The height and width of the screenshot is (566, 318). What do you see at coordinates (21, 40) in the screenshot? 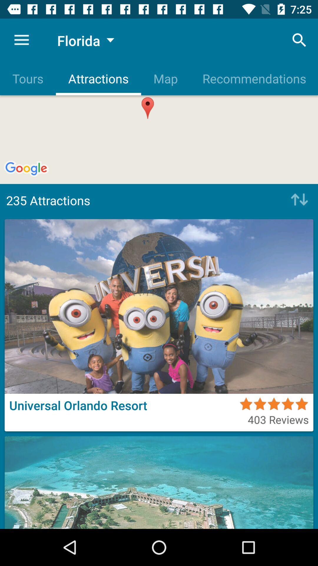
I see `the icon to the left of florida item` at bounding box center [21, 40].